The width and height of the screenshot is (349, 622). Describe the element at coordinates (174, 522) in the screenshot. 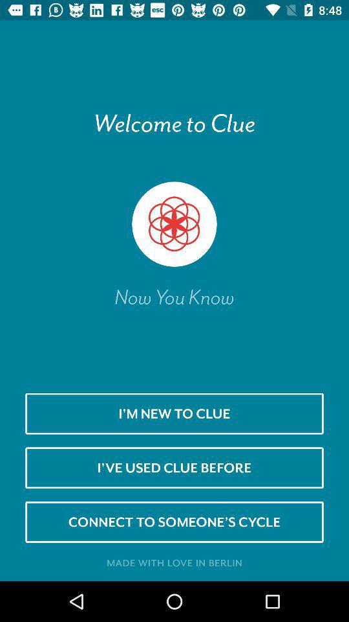

I see `connect to someone icon` at that location.